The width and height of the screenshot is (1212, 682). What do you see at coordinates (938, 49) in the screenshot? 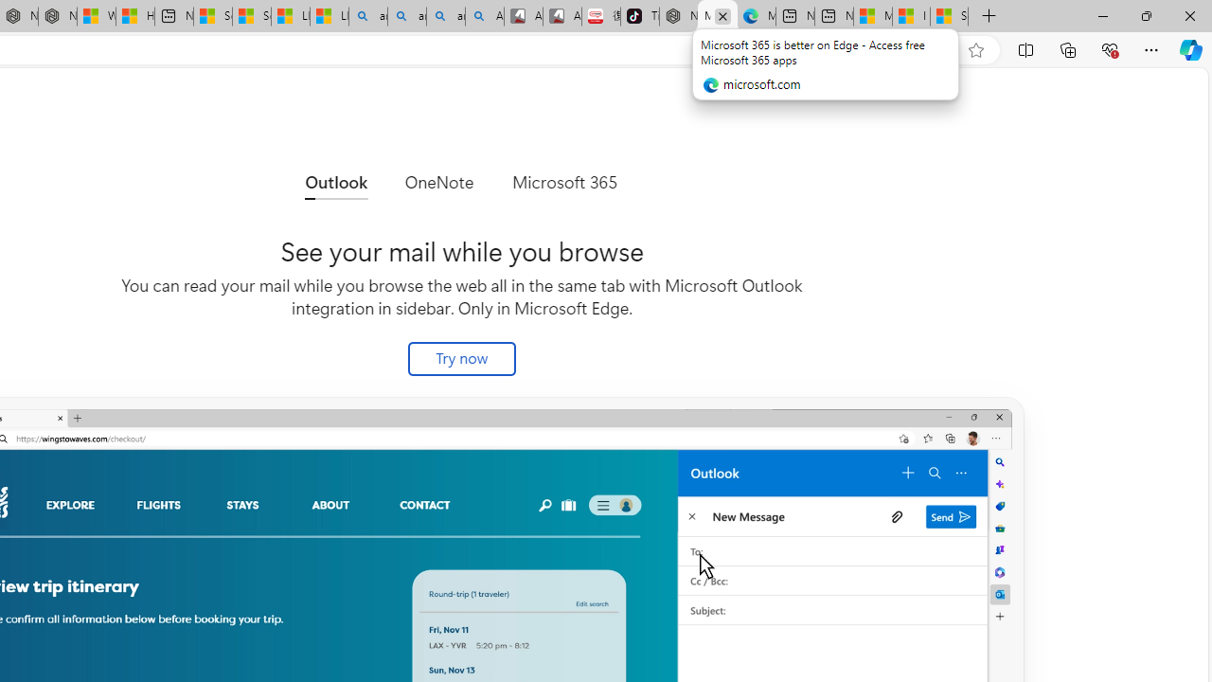
I see `'Enhance video'` at bounding box center [938, 49].